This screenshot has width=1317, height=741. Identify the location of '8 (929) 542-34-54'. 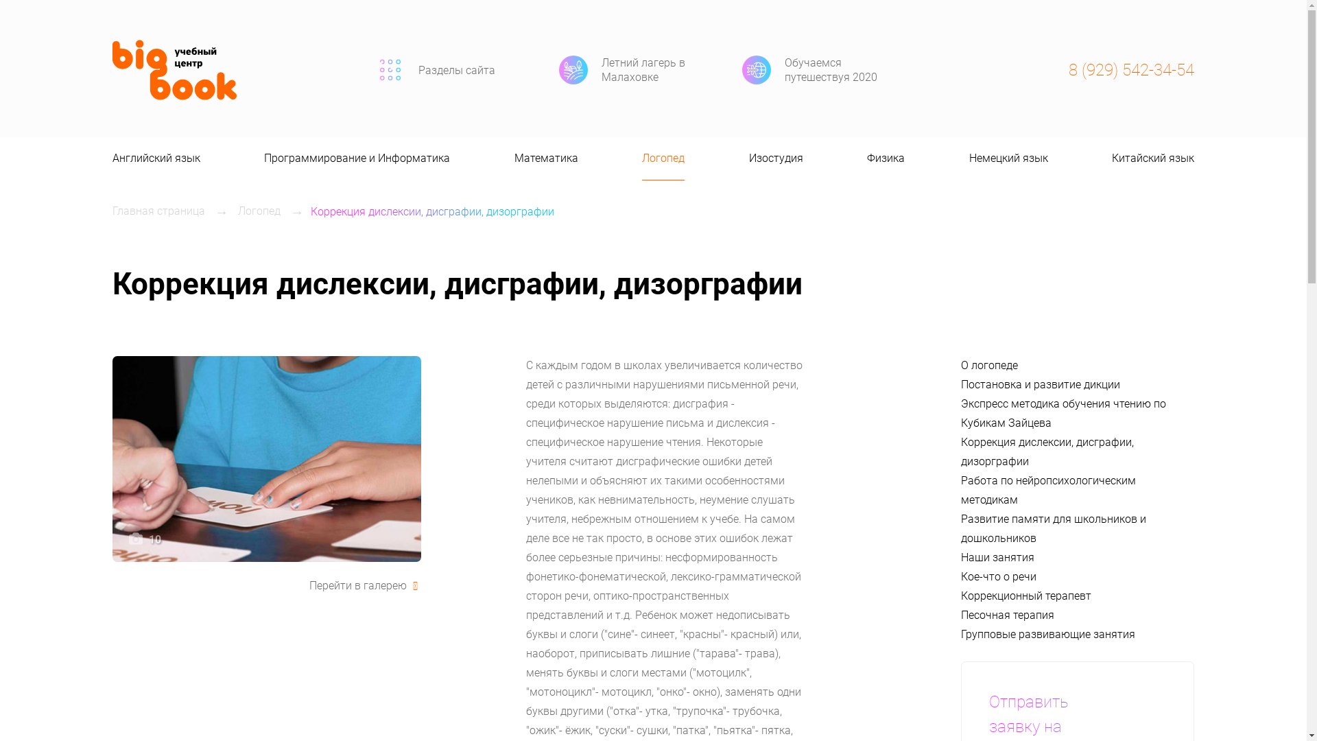
(1131, 69).